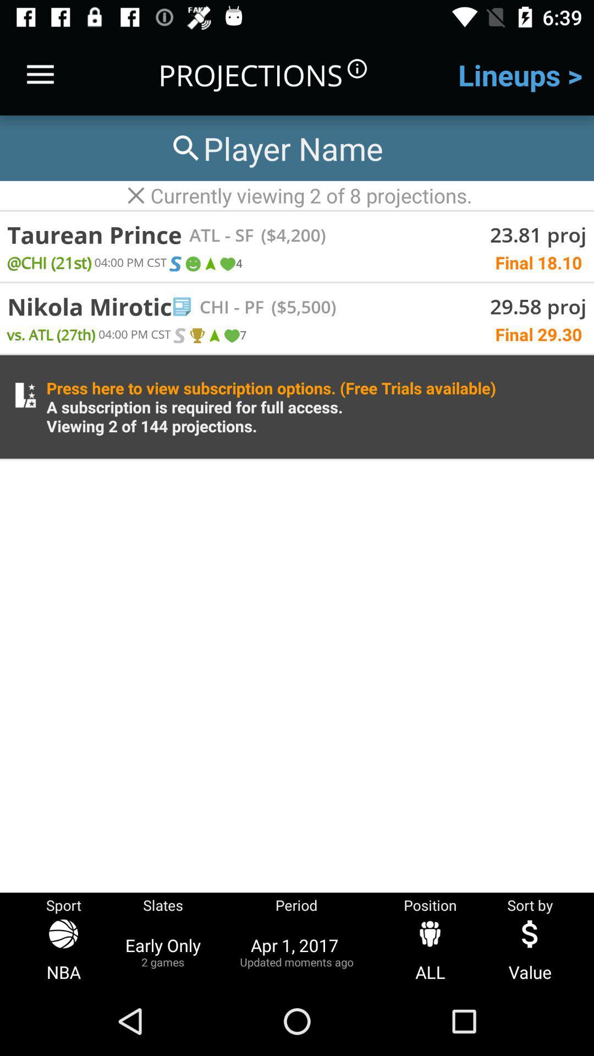  What do you see at coordinates (275, 147) in the screenshot?
I see `typing bar for name` at bounding box center [275, 147].